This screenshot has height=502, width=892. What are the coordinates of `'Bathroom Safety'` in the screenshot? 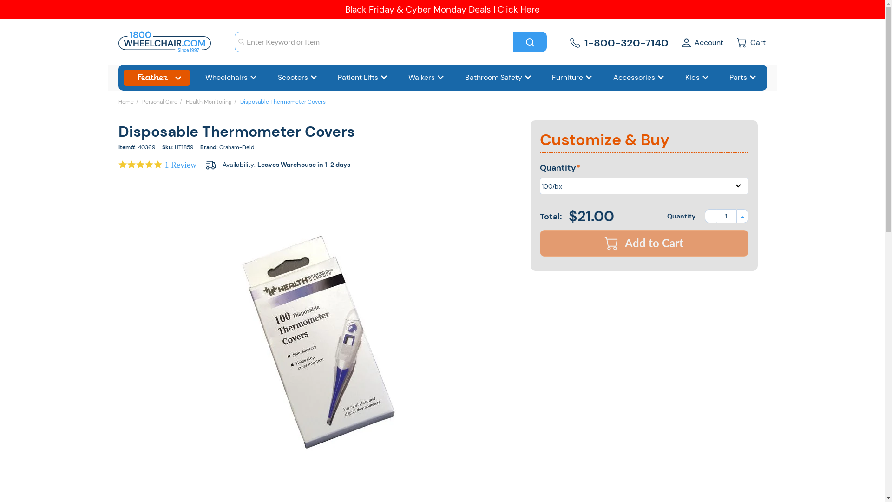 It's located at (498, 77).